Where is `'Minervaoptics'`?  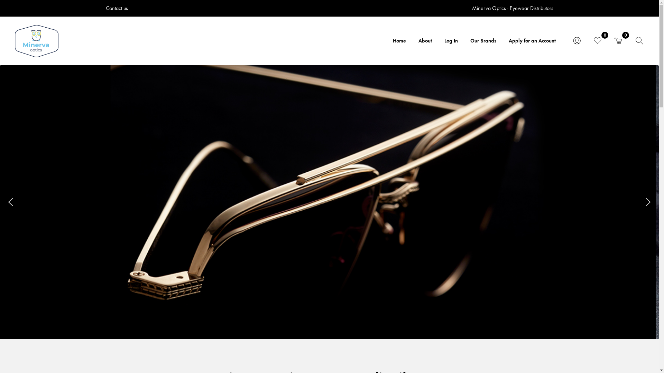 'Minervaoptics' is located at coordinates (36, 41).